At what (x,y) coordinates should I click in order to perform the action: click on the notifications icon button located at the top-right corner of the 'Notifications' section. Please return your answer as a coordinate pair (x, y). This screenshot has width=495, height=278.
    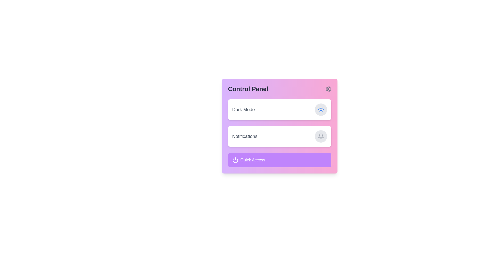
    Looking at the image, I should click on (320, 136).